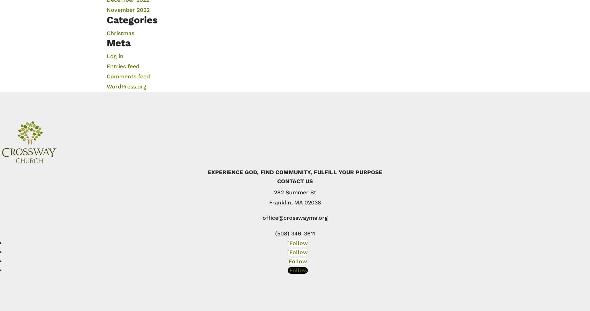  Describe the element at coordinates (295, 171) in the screenshot. I see `'Experience God, Find Community, Fulfill Your Purpose'` at that location.